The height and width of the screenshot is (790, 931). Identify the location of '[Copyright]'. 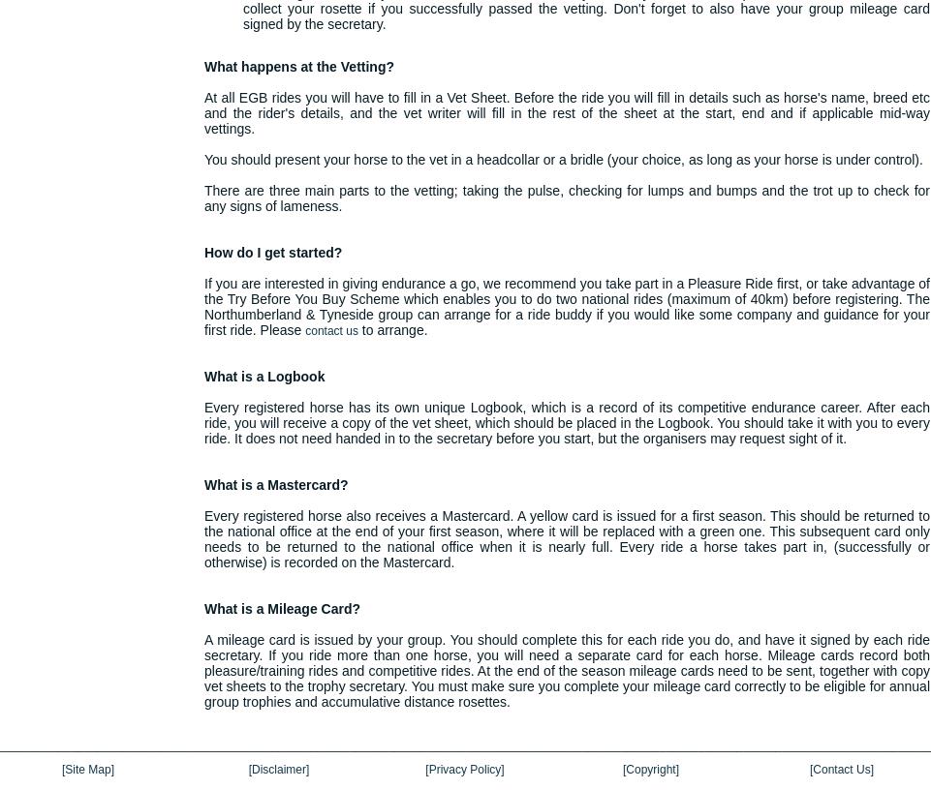
(649, 770).